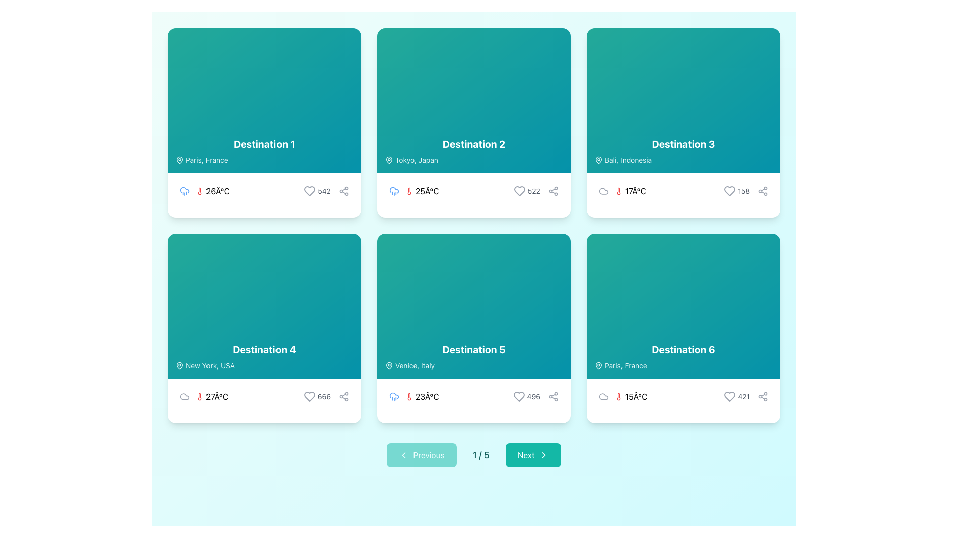 This screenshot has height=544, width=967. Describe the element at coordinates (200, 396) in the screenshot. I see `the temperature icon located in 'Destination 4', which is adjacent to the temperature text '27°C' and the weather icon` at that location.